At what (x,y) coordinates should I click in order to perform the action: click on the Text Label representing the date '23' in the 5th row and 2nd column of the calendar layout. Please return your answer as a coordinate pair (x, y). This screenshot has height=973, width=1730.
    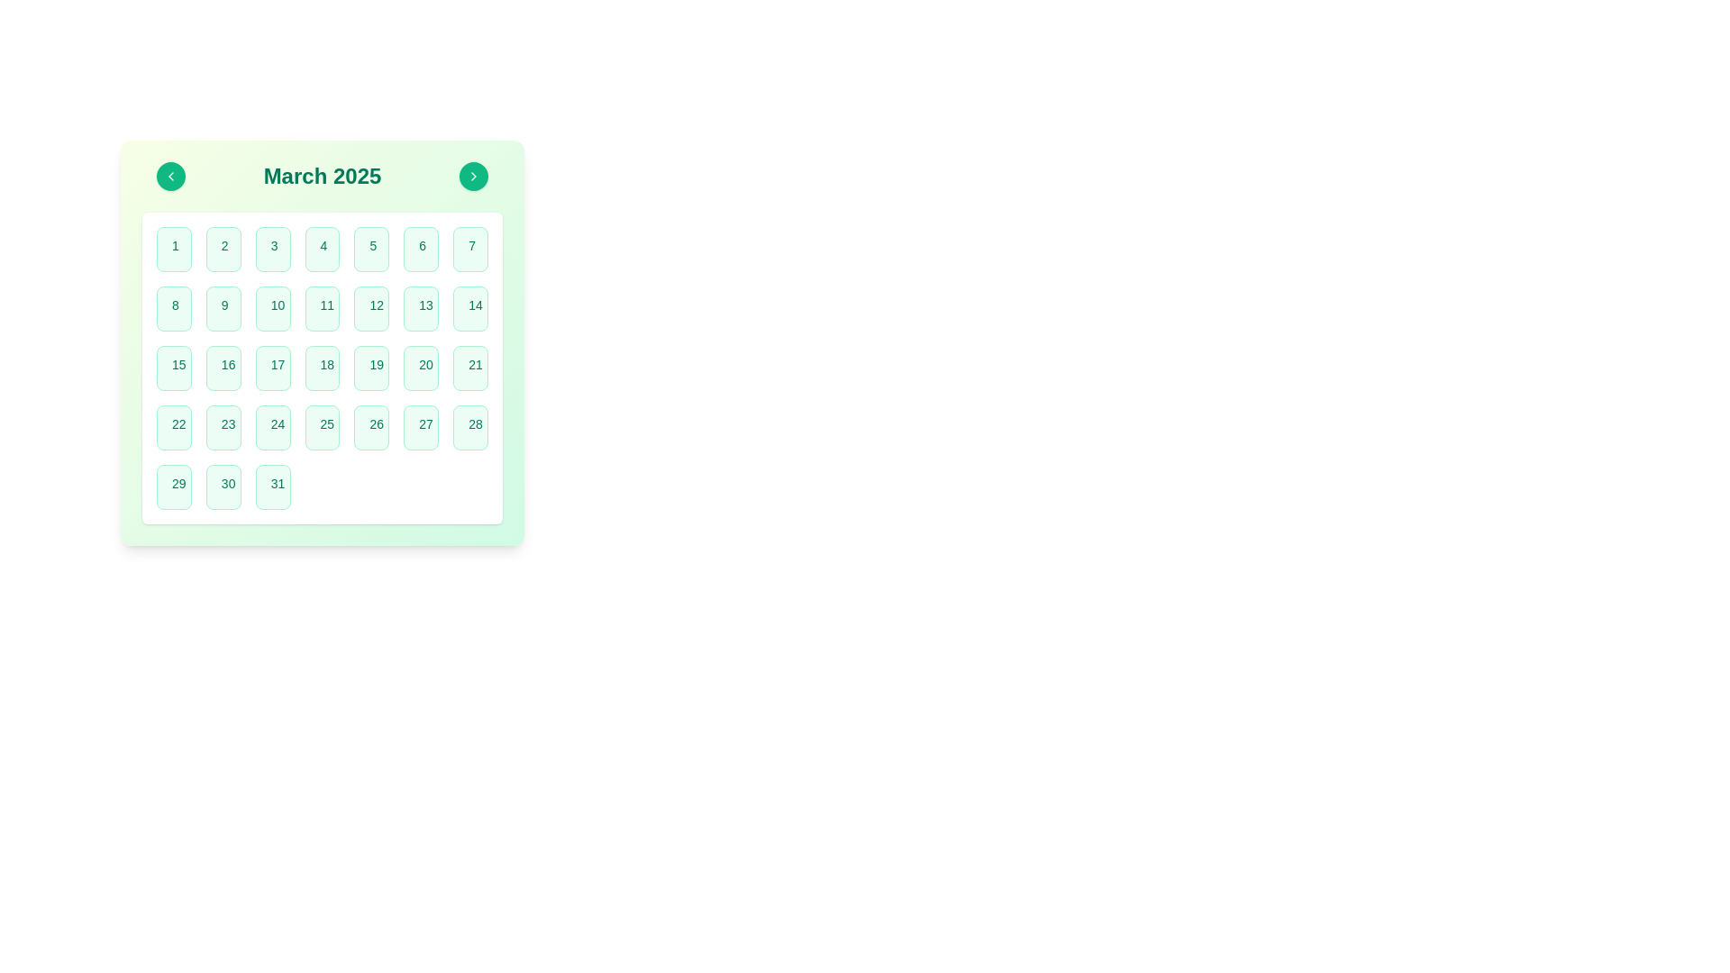
    Looking at the image, I should click on (227, 423).